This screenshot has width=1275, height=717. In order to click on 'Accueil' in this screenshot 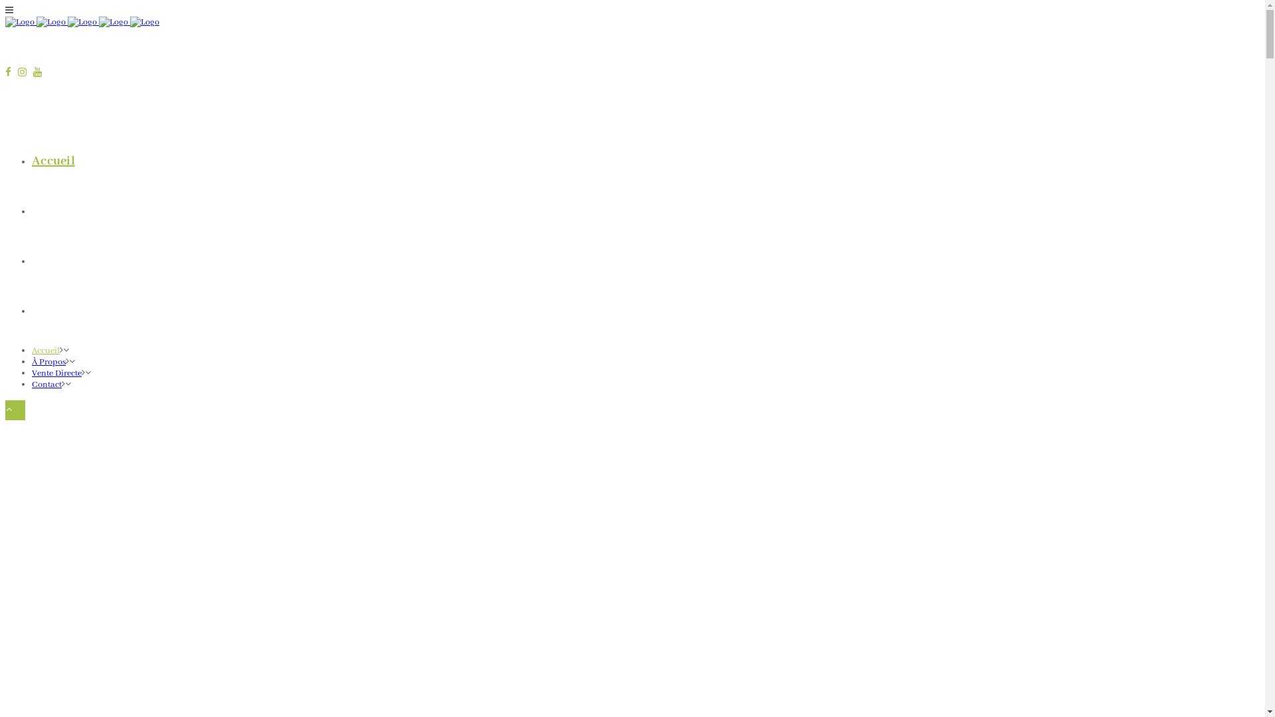, I will do `click(45, 350)`.